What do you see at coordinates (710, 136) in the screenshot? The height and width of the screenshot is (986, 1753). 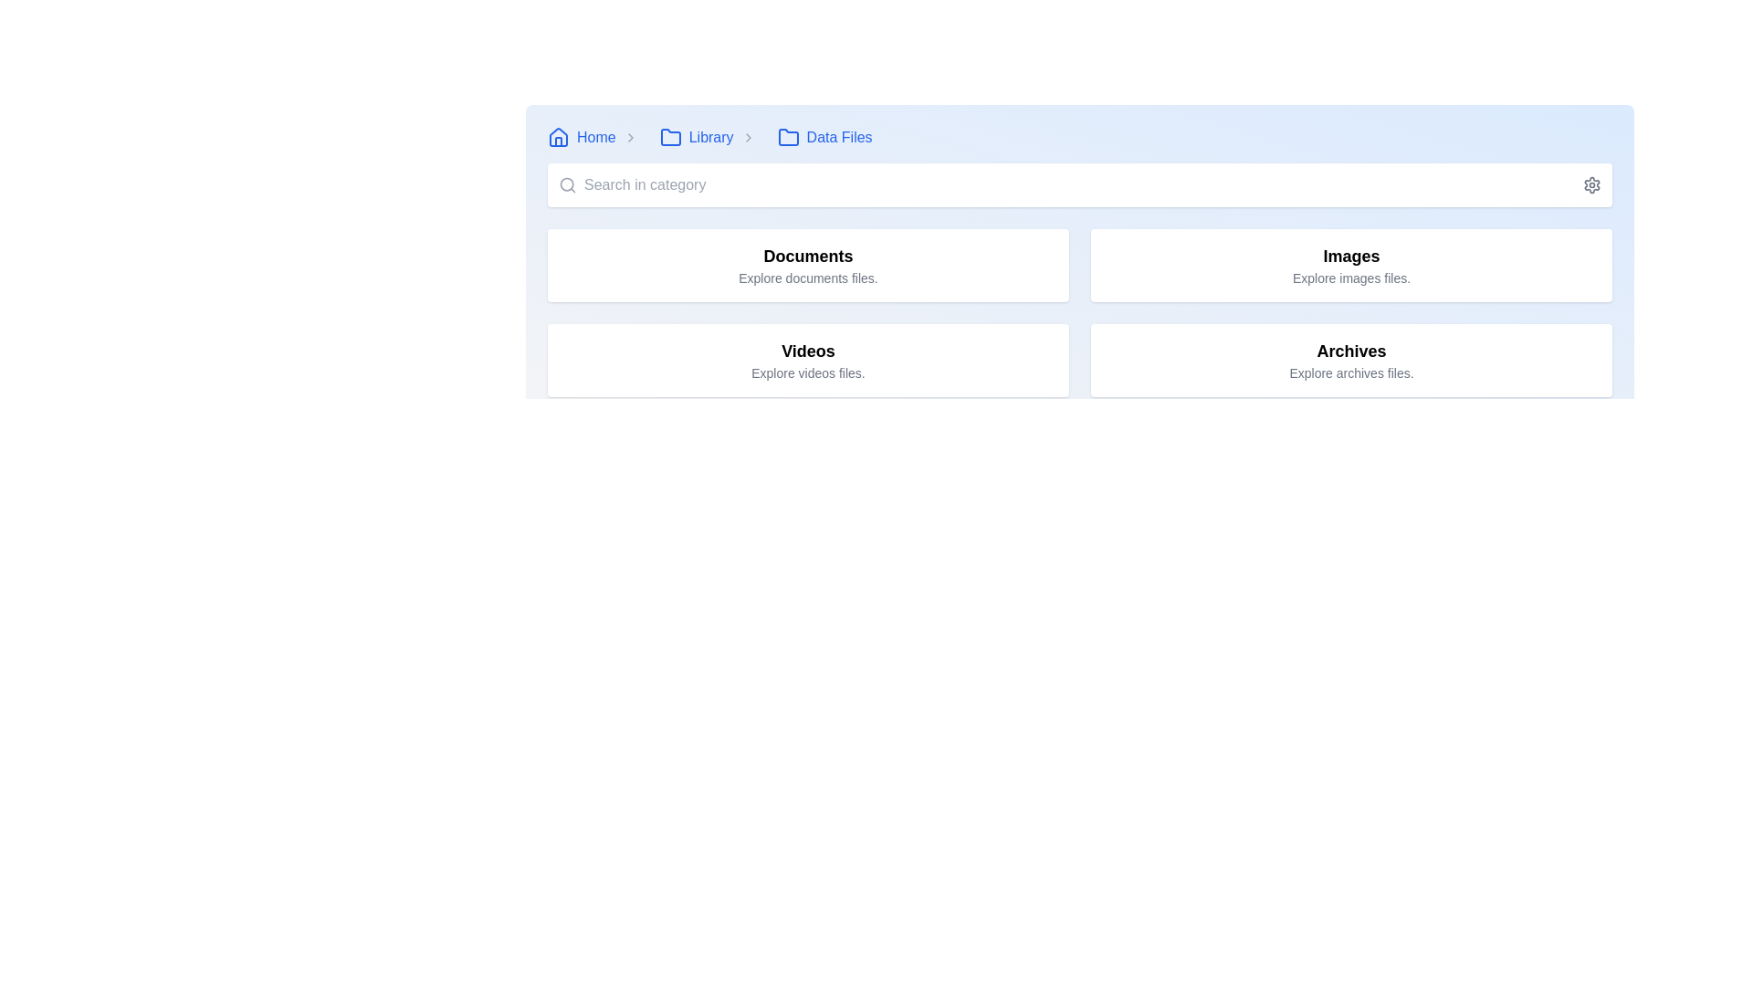 I see `the 'Library' text label in the breadcrumb navigation bar, which is the third item following 'Home' and a folder icon` at bounding box center [710, 136].